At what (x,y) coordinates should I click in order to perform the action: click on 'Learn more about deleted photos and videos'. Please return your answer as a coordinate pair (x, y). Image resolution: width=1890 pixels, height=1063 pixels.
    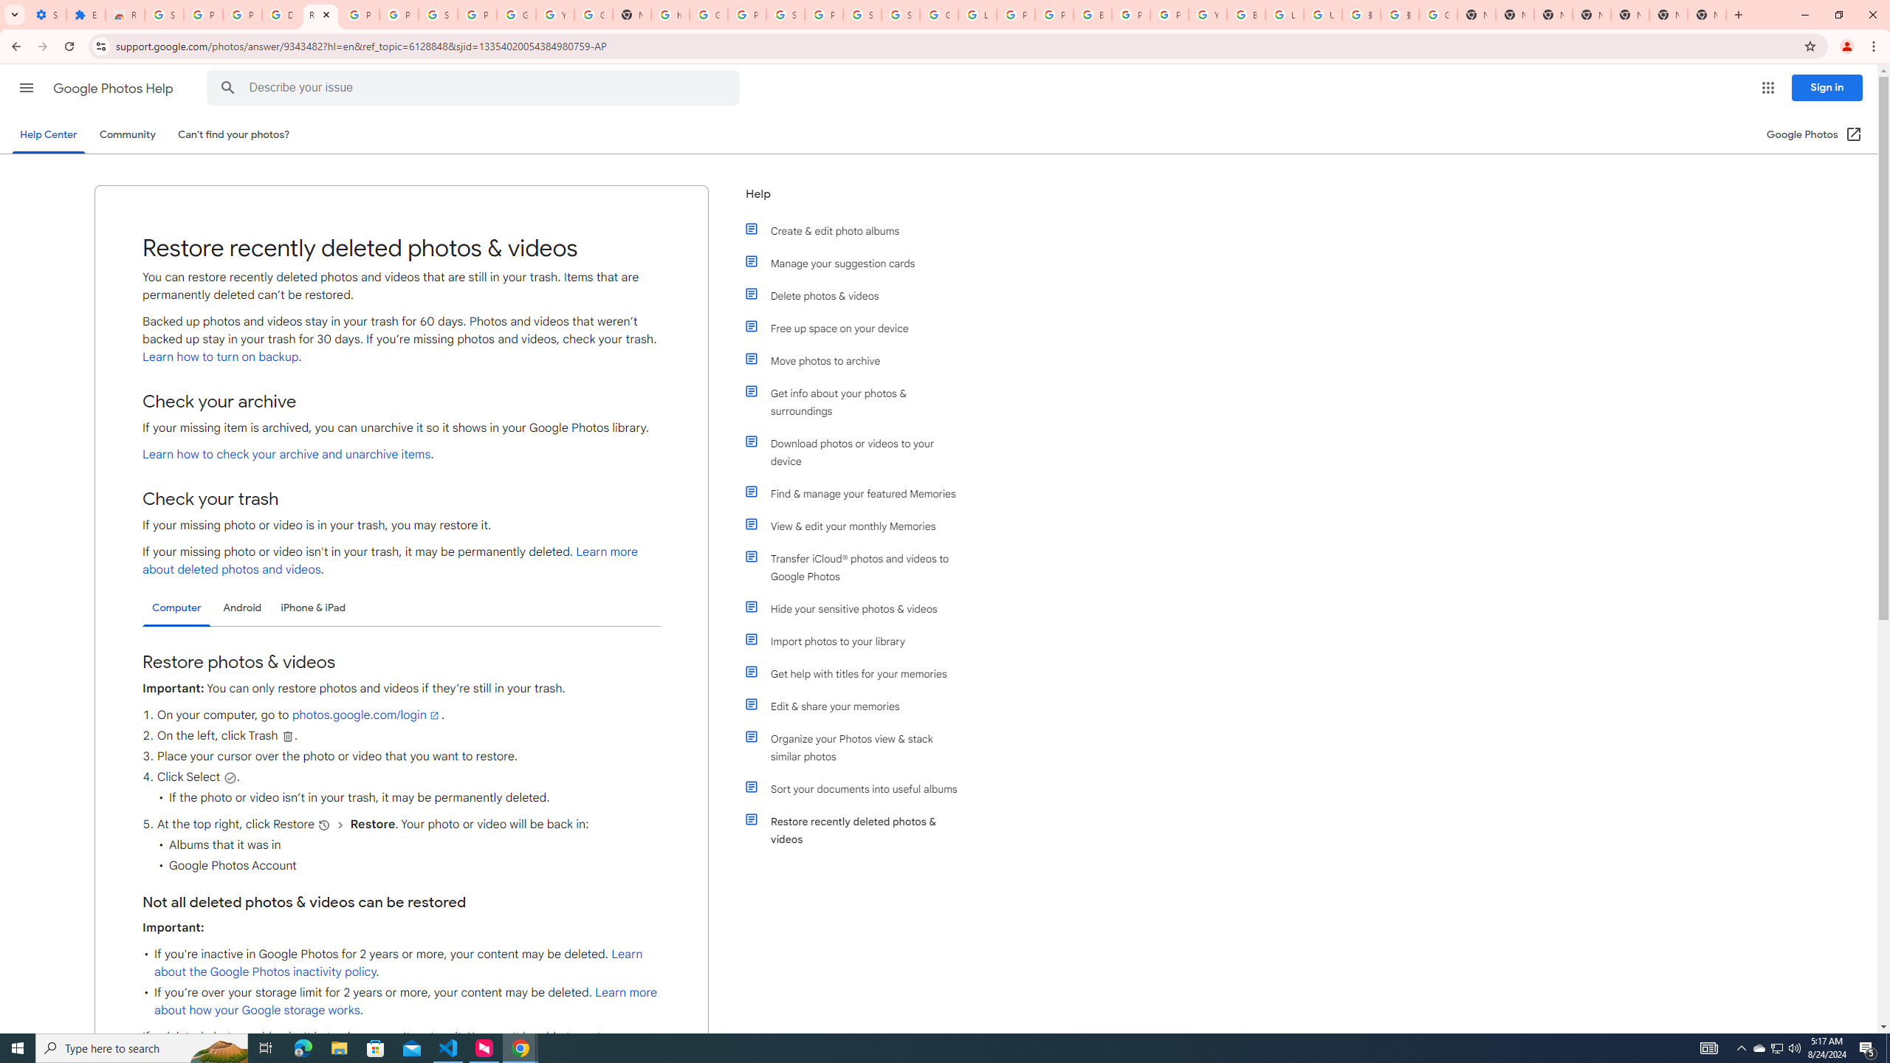
    Looking at the image, I should click on (389, 560).